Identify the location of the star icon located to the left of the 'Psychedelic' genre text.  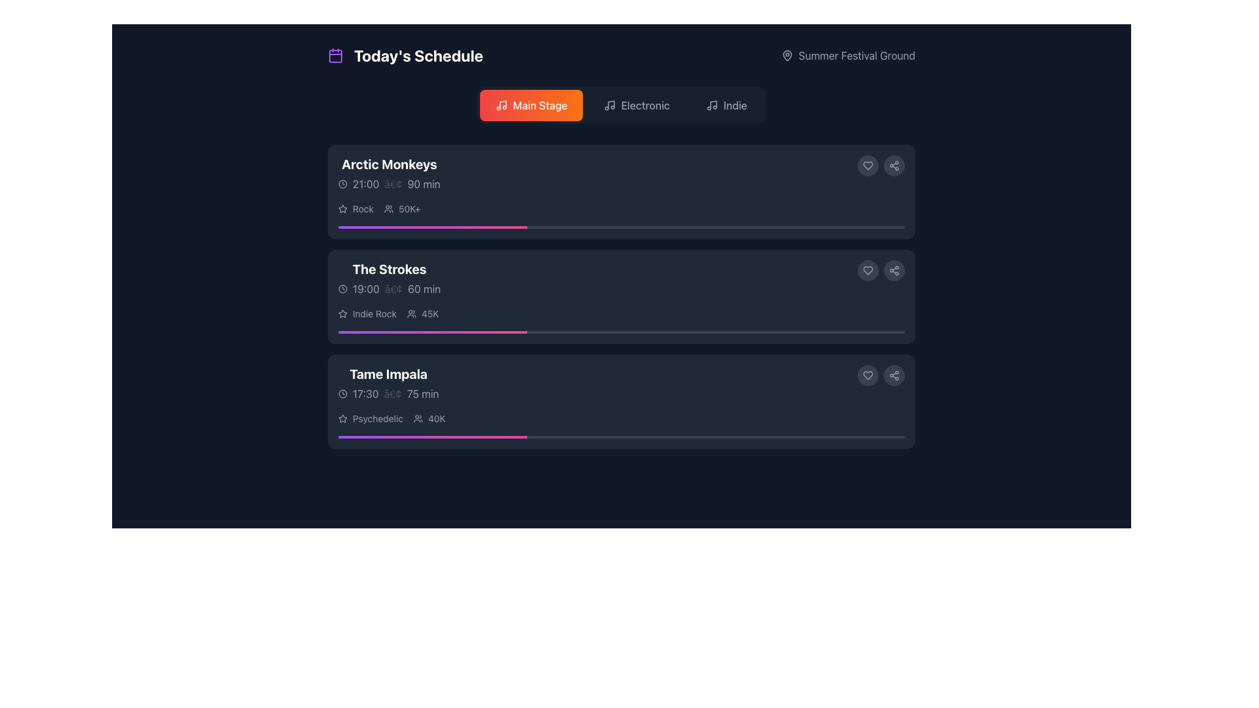
(343, 418).